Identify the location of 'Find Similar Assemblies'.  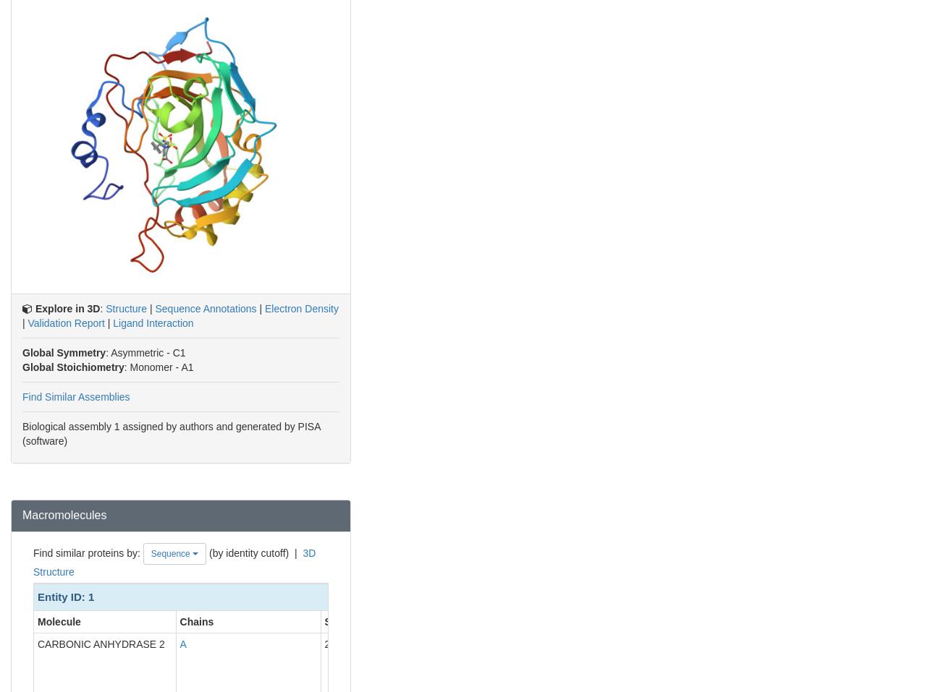
(75, 396).